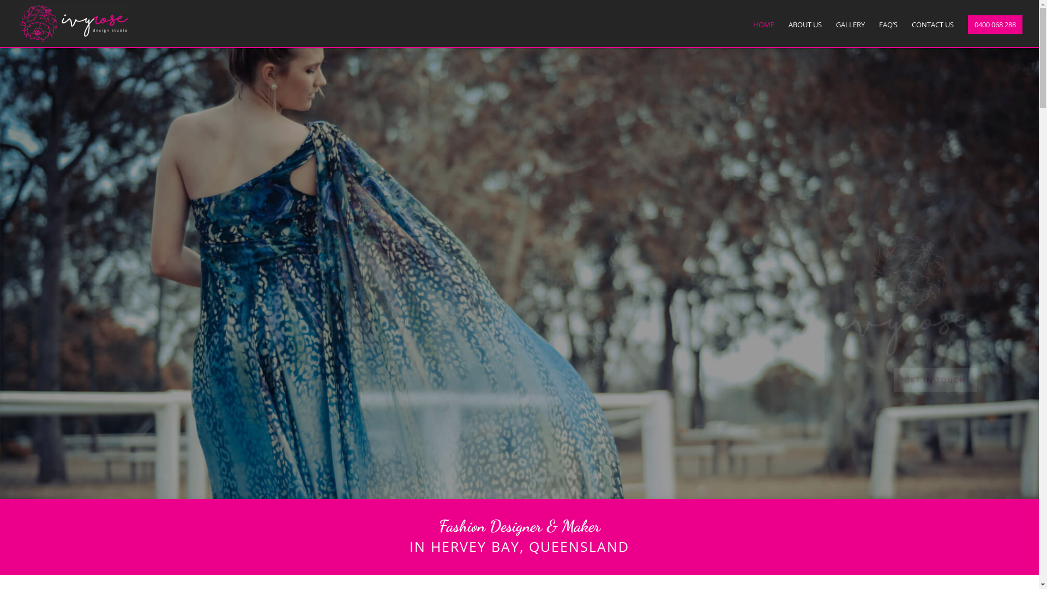 The width and height of the screenshot is (1047, 589). Describe the element at coordinates (805, 31) in the screenshot. I see `'ABOUT US'` at that location.